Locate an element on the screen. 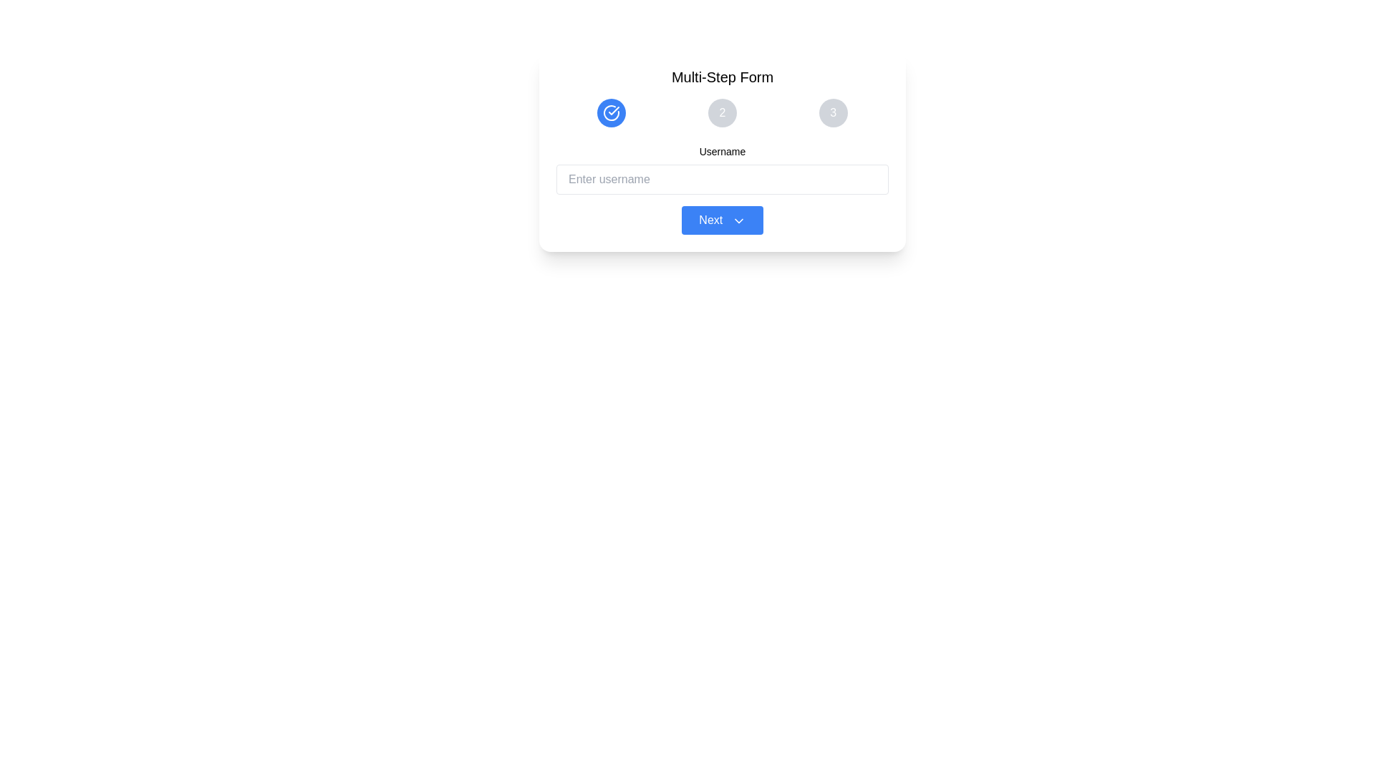  the second progress indicator button in the horizontal sequence at the top of the form is located at coordinates (722, 112).